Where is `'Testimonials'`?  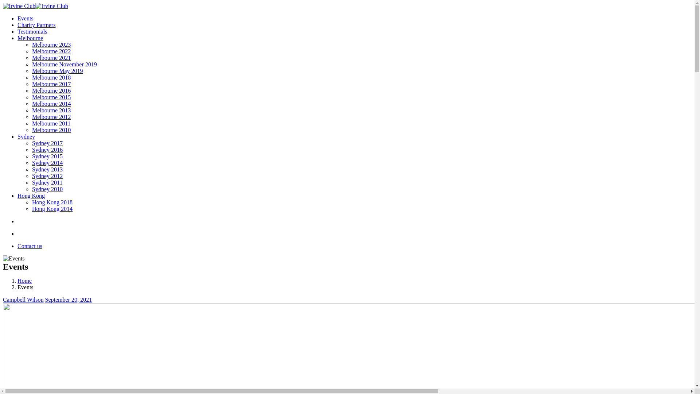 'Testimonials' is located at coordinates (17, 31).